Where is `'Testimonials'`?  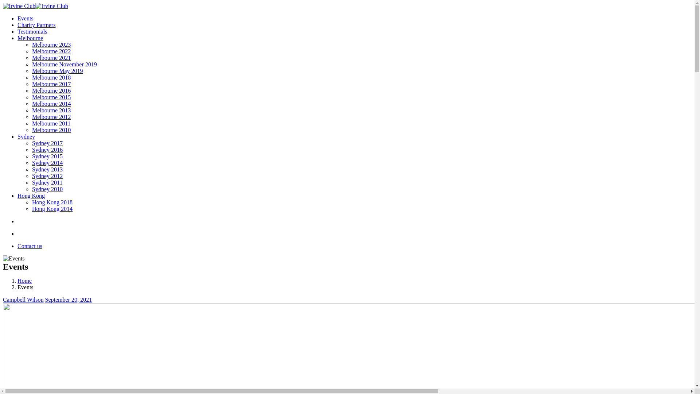 'Testimonials' is located at coordinates (17, 31).